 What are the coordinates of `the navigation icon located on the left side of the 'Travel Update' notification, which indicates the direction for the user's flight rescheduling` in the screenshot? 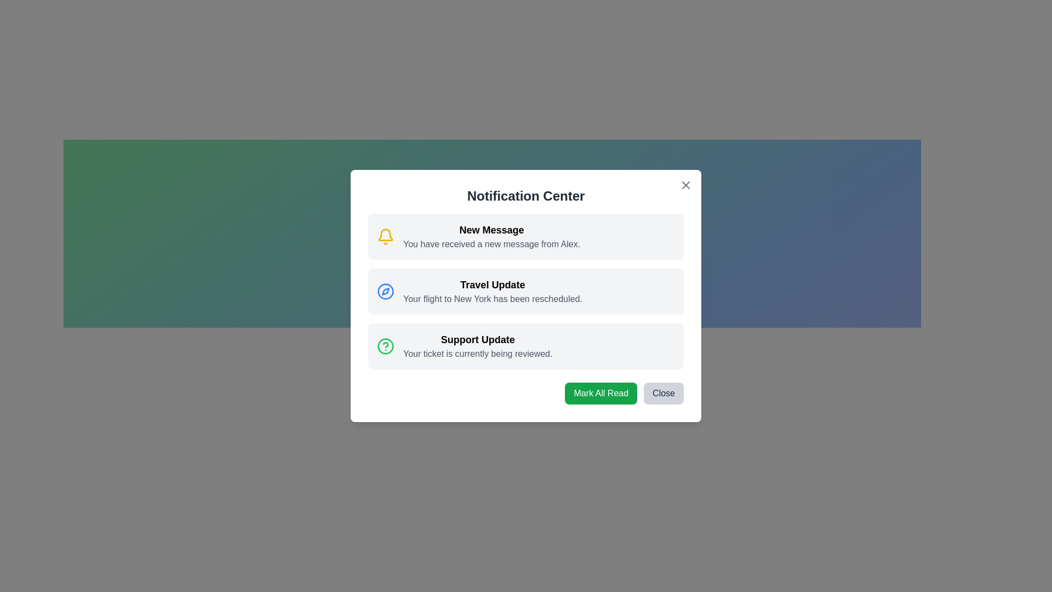 It's located at (386, 291).